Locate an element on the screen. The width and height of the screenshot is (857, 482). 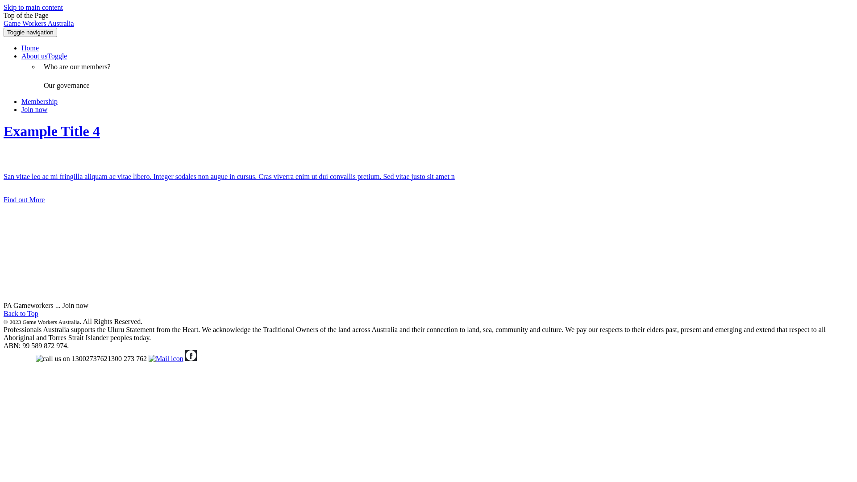
'About usToggle' is located at coordinates (44, 56).